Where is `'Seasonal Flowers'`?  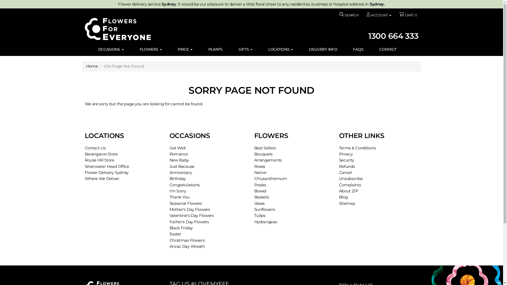 'Seasonal Flowers' is located at coordinates (186, 203).